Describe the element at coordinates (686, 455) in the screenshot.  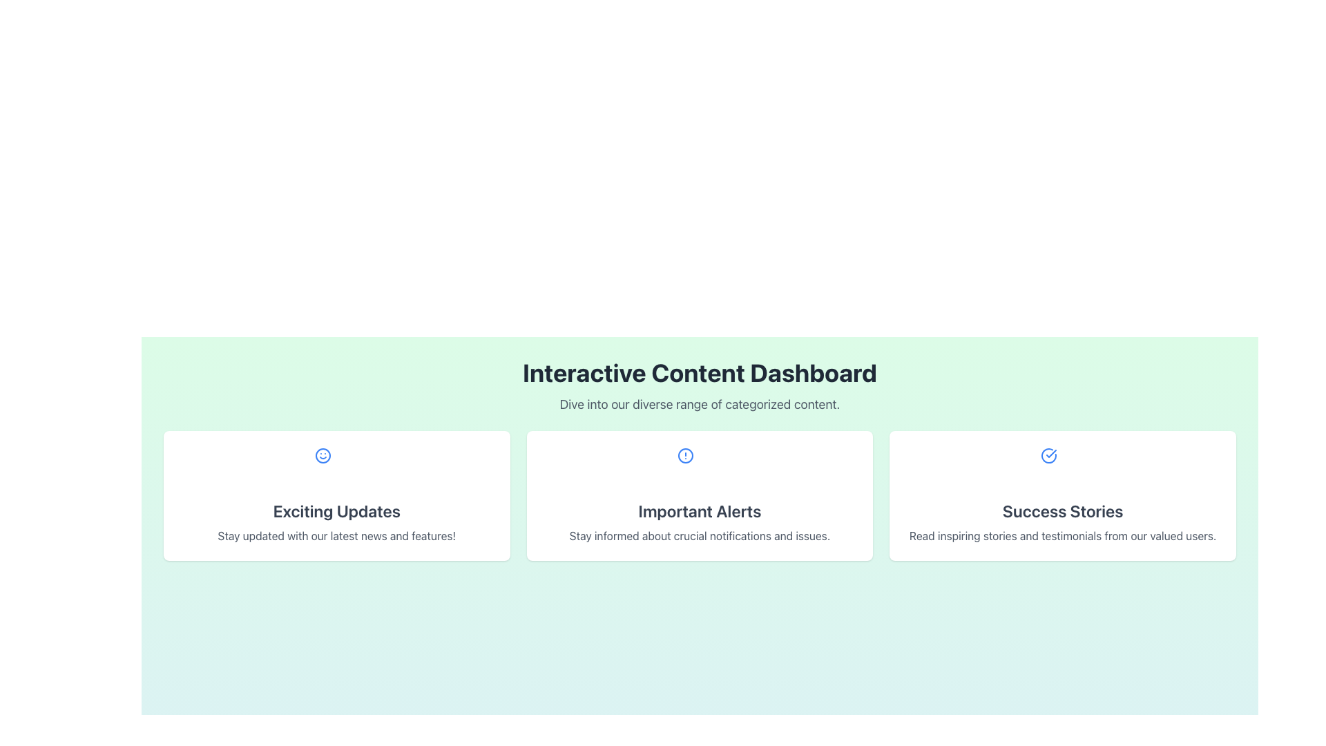
I see `the circular SVG element that represents a warning or alert indicator, located in the middle card of the dashboard above the text 'Important Alerts'` at that location.